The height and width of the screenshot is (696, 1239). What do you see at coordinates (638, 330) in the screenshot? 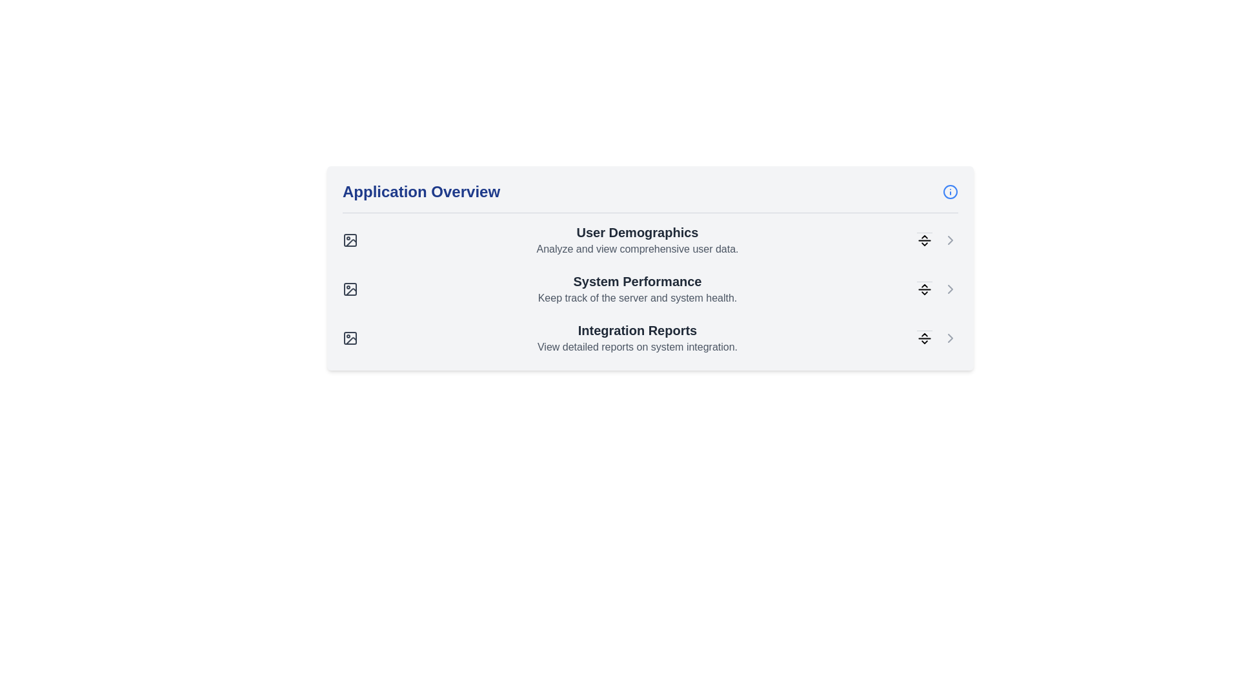
I see `the 'Integration Reports' header text, which is a bold and larger font label in dark grayscale color, located in the third row of the 'Application Overview' section` at bounding box center [638, 330].